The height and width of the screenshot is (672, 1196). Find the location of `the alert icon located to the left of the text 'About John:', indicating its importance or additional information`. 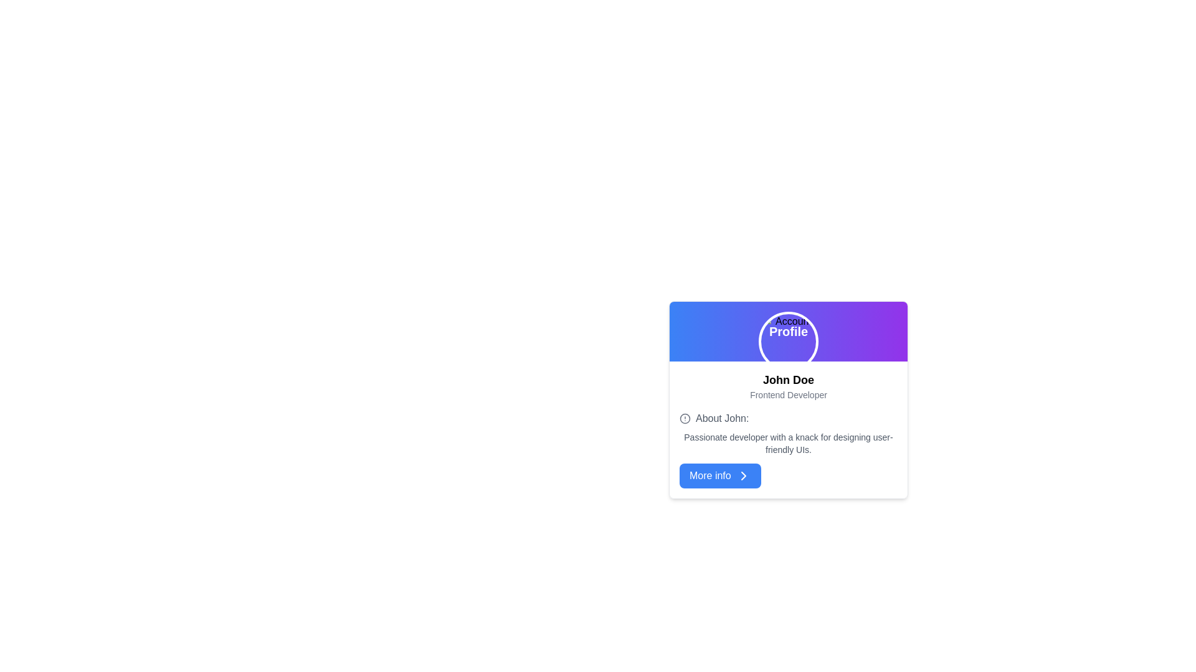

the alert icon located to the left of the text 'About John:', indicating its importance or additional information is located at coordinates (684, 418).